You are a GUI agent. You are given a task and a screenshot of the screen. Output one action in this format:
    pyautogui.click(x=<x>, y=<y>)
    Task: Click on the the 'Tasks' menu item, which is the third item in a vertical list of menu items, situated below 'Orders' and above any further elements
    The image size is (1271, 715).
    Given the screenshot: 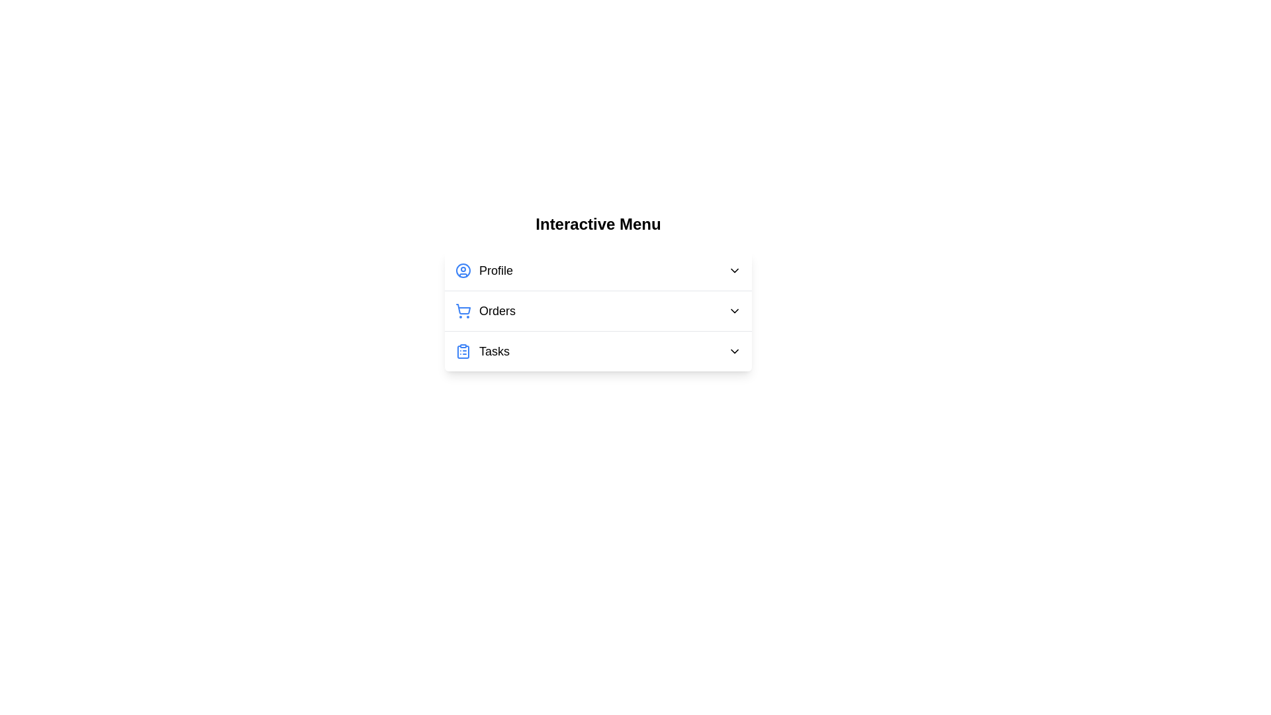 What is the action you would take?
    pyautogui.click(x=597, y=350)
    